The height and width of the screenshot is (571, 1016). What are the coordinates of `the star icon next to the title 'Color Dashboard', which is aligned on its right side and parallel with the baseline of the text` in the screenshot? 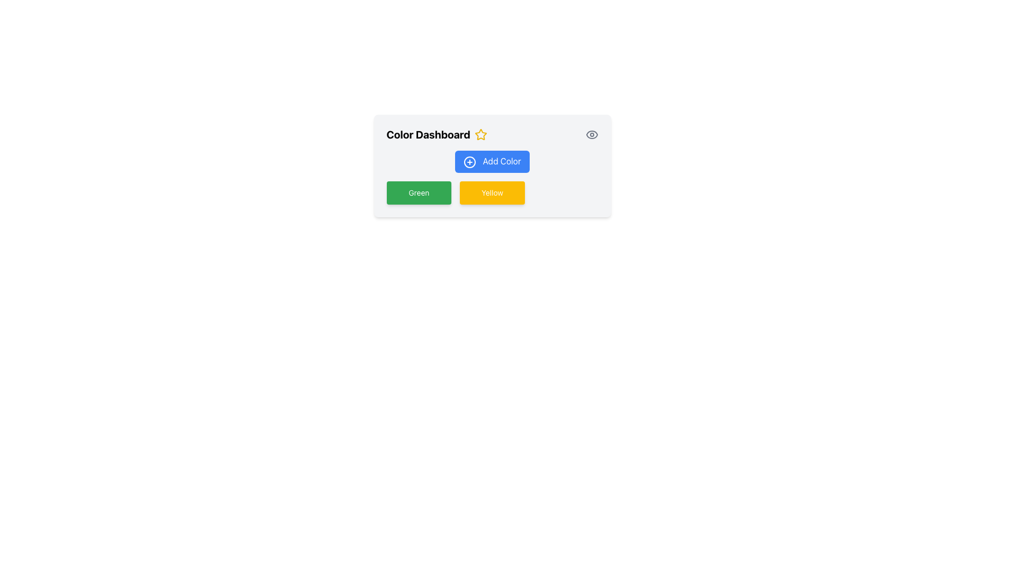 It's located at (480, 134).